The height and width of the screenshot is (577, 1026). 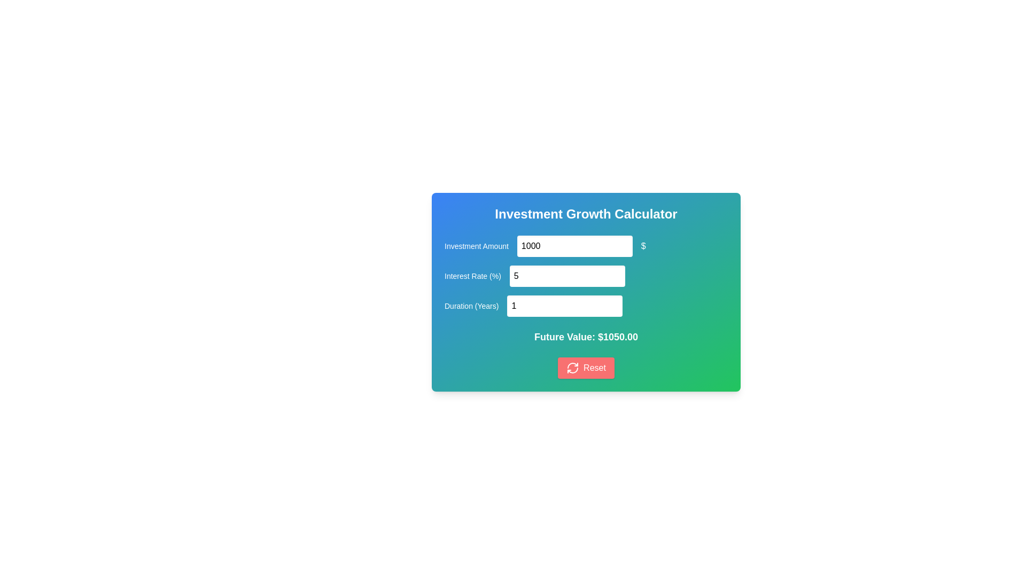 I want to click on the input fields of the Interactive calculator interface to enter data, so click(x=586, y=292).